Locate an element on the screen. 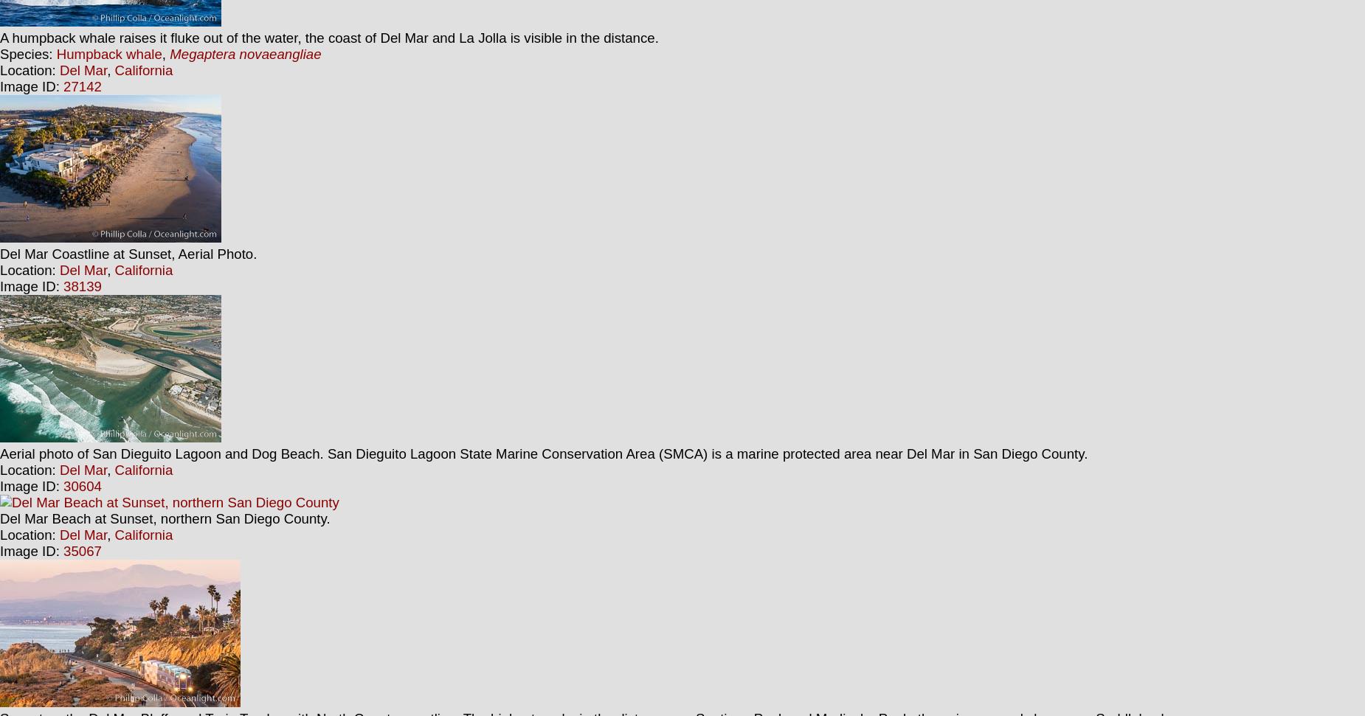  'Humpback whale' is located at coordinates (108, 53).